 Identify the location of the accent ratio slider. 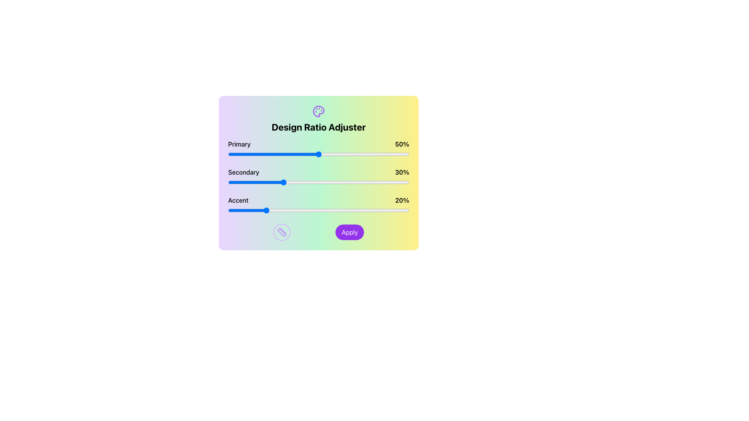
(347, 210).